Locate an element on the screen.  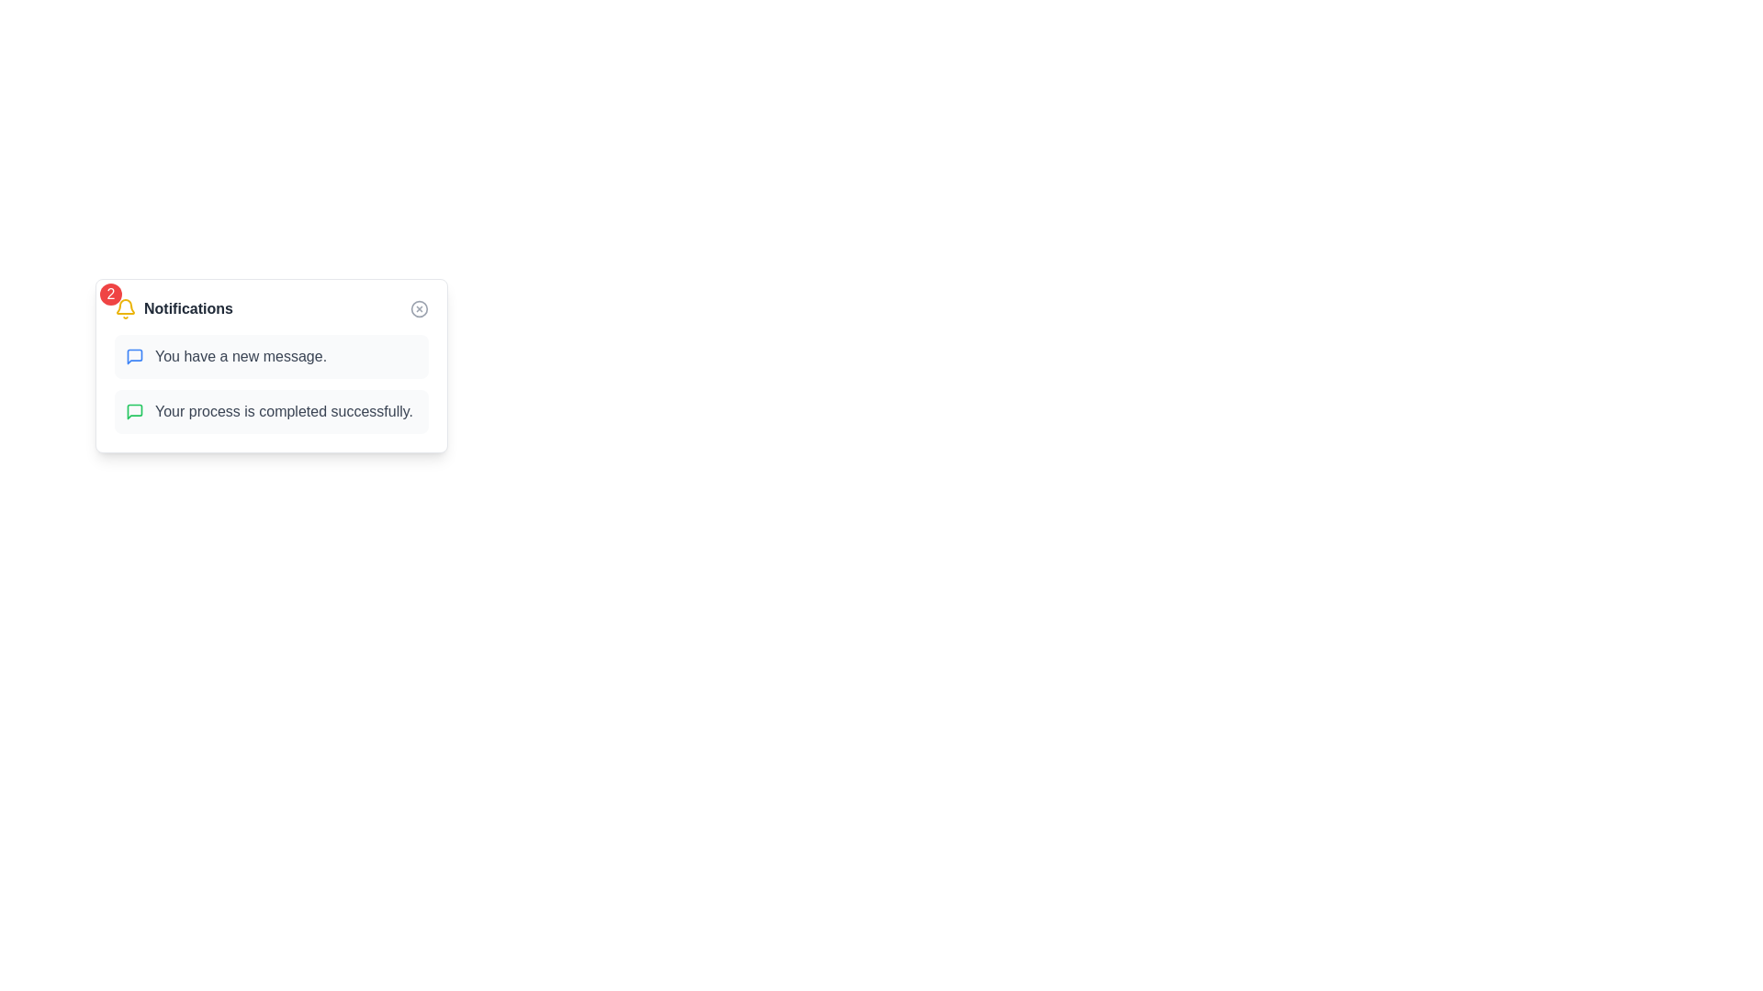
the text label displaying the notification message is located at coordinates (240, 357).